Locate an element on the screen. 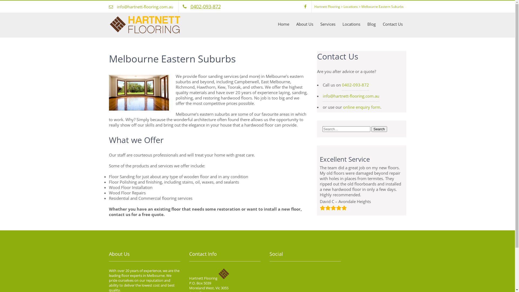 The width and height of the screenshot is (519, 292). '0402-093-872' is located at coordinates (205, 6).